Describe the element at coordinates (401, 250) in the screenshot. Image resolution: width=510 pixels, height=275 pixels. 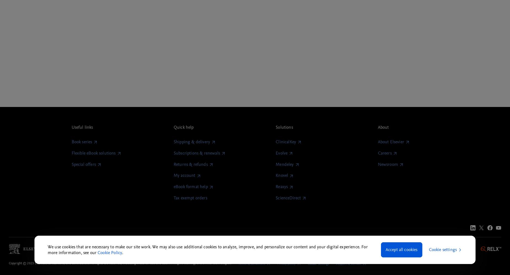
I see `'Accept all cookies'` at that location.